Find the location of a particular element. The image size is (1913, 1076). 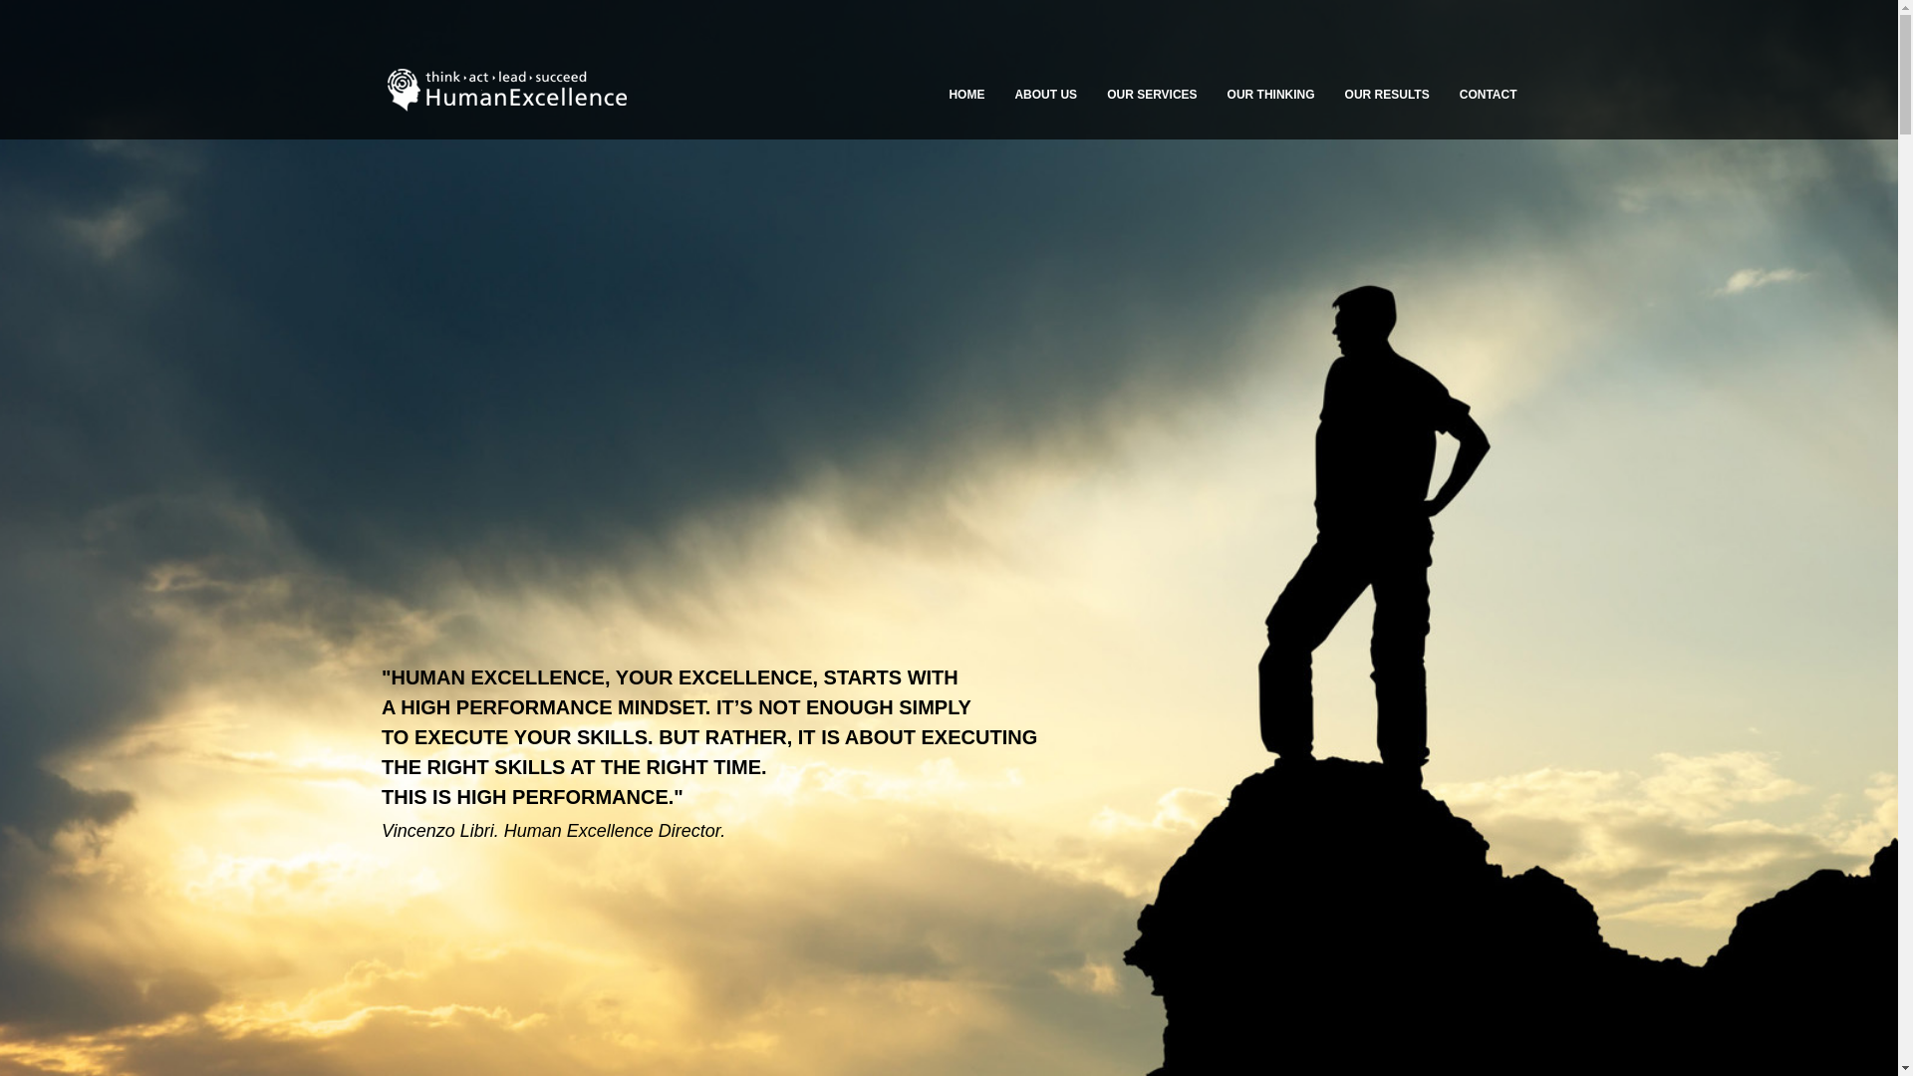

'OUR RESULTS' is located at coordinates (1386, 95).